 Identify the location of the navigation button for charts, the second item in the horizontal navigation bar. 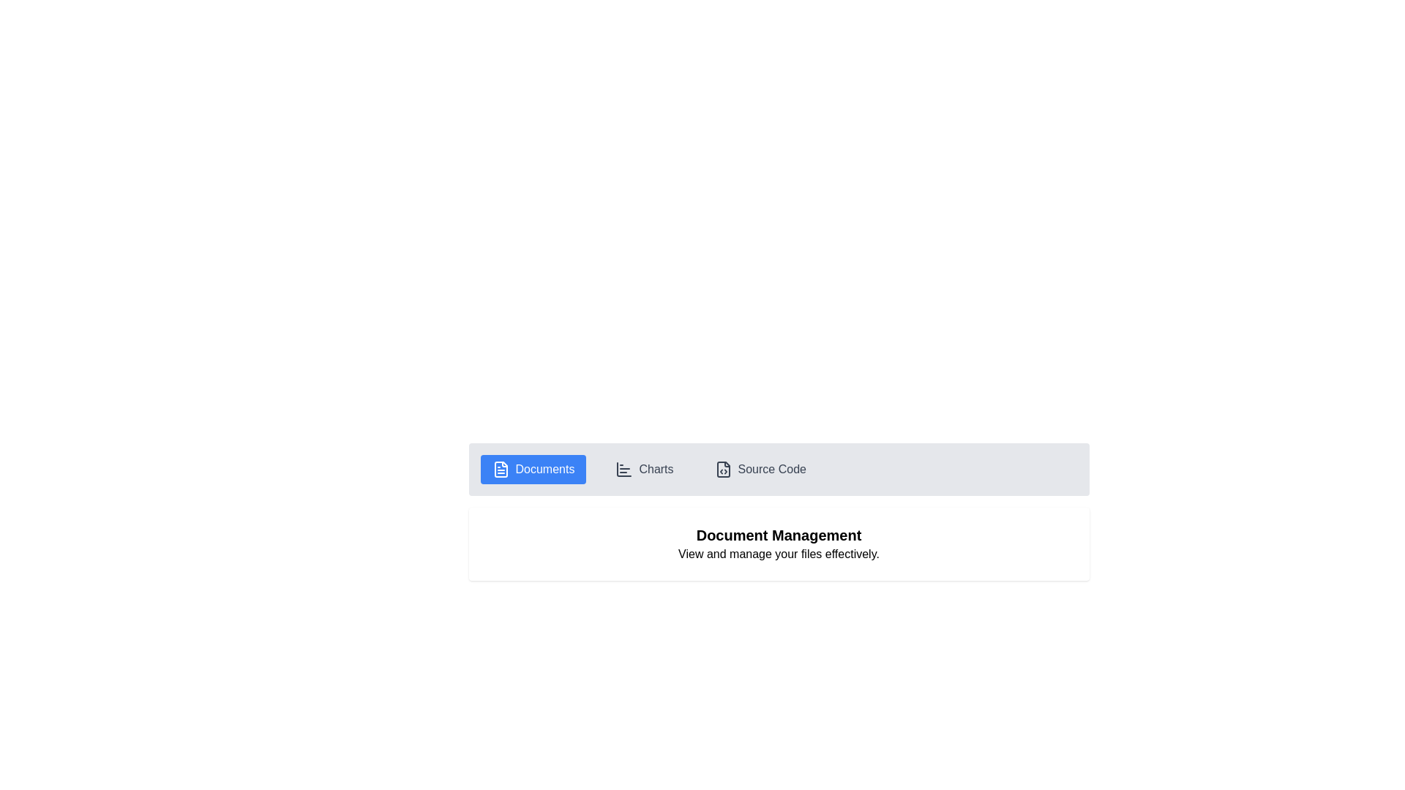
(644, 469).